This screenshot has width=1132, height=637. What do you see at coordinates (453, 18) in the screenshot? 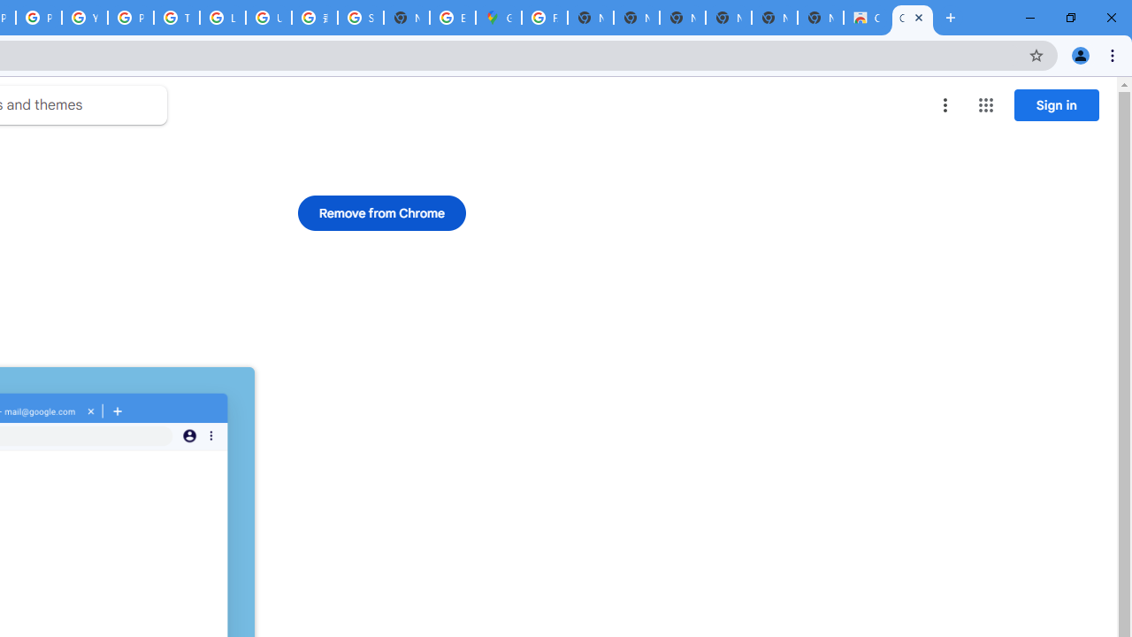
I see `'Explore new street-level details - Google Maps Help'` at bounding box center [453, 18].